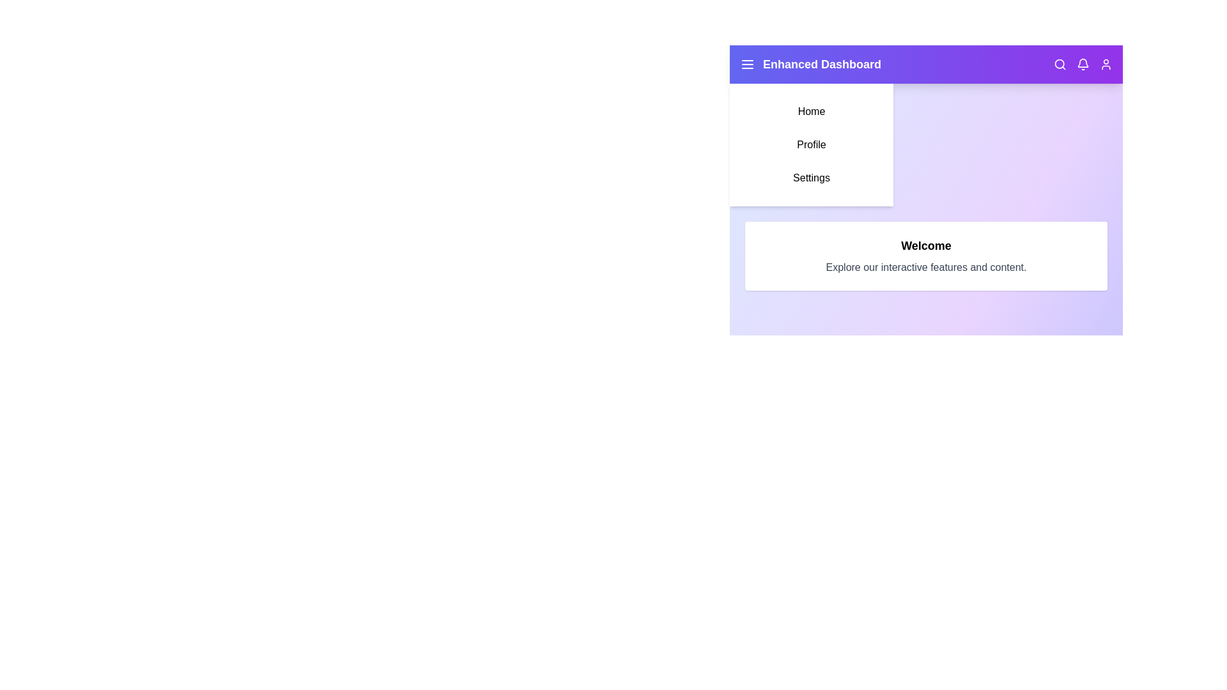  Describe the element at coordinates (1082, 64) in the screenshot. I see `the 'Bell' icon to check for notifications` at that location.